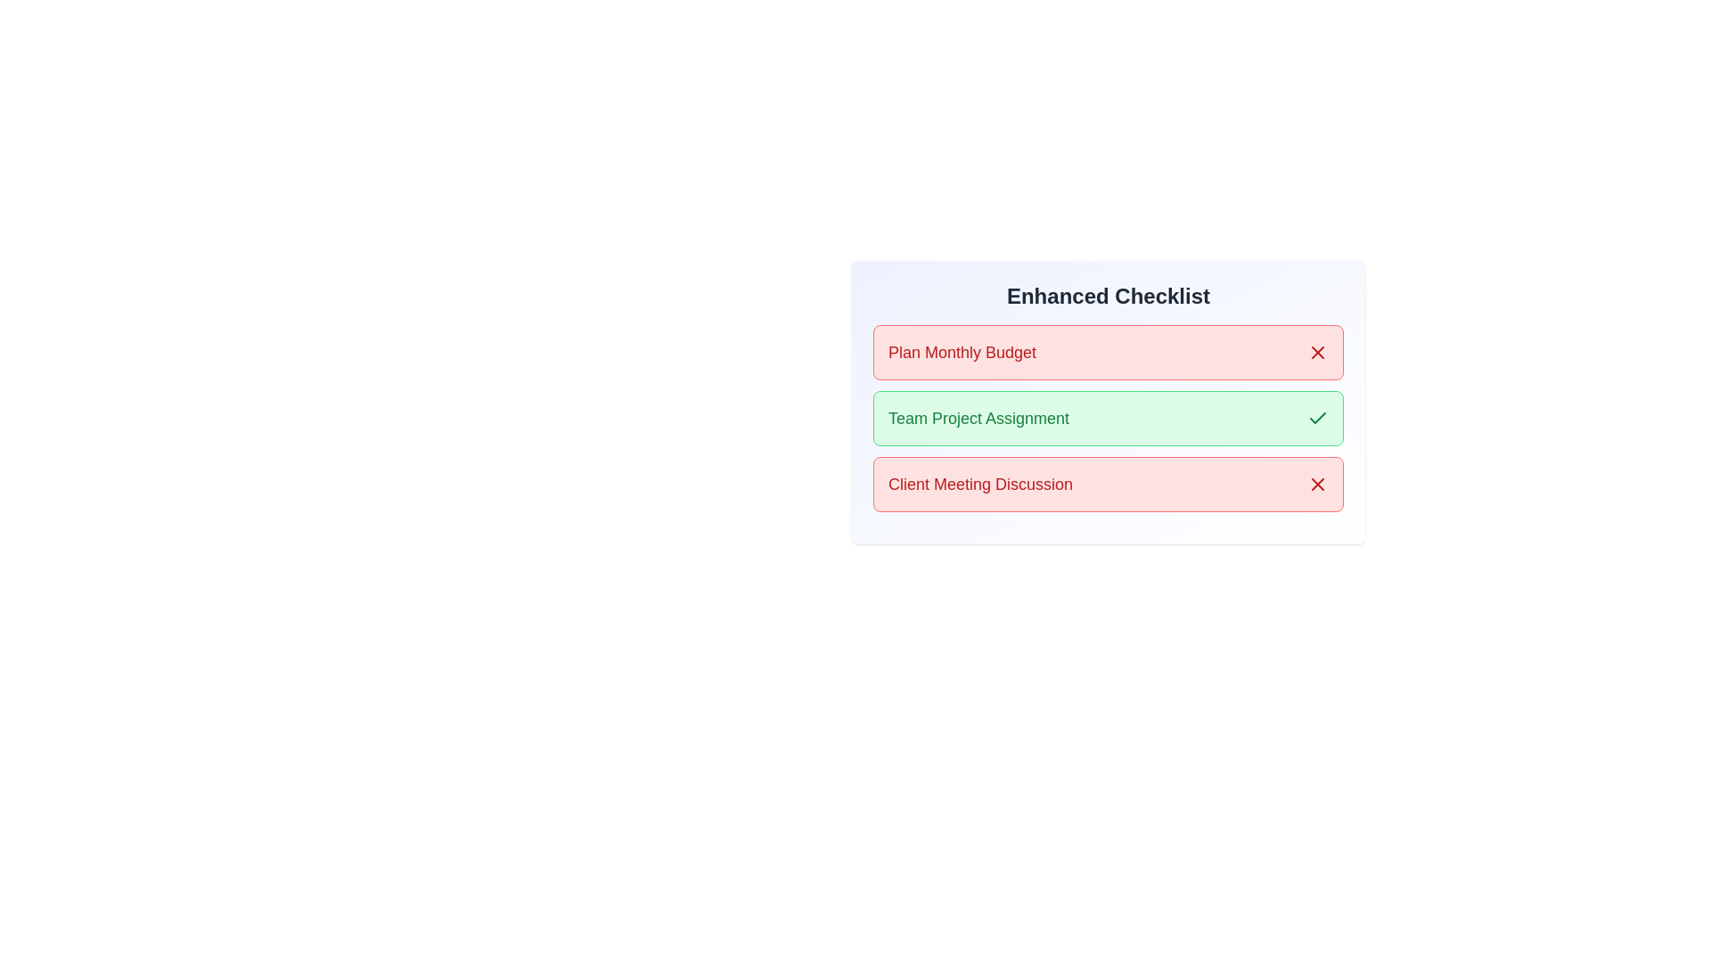  What do you see at coordinates (979, 484) in the screenshot?
I see `the text label displaying 'Client Meeting Discussion', which is styled with a red font and is the third entry in the checklist interface` at bounding box center [979, 484].